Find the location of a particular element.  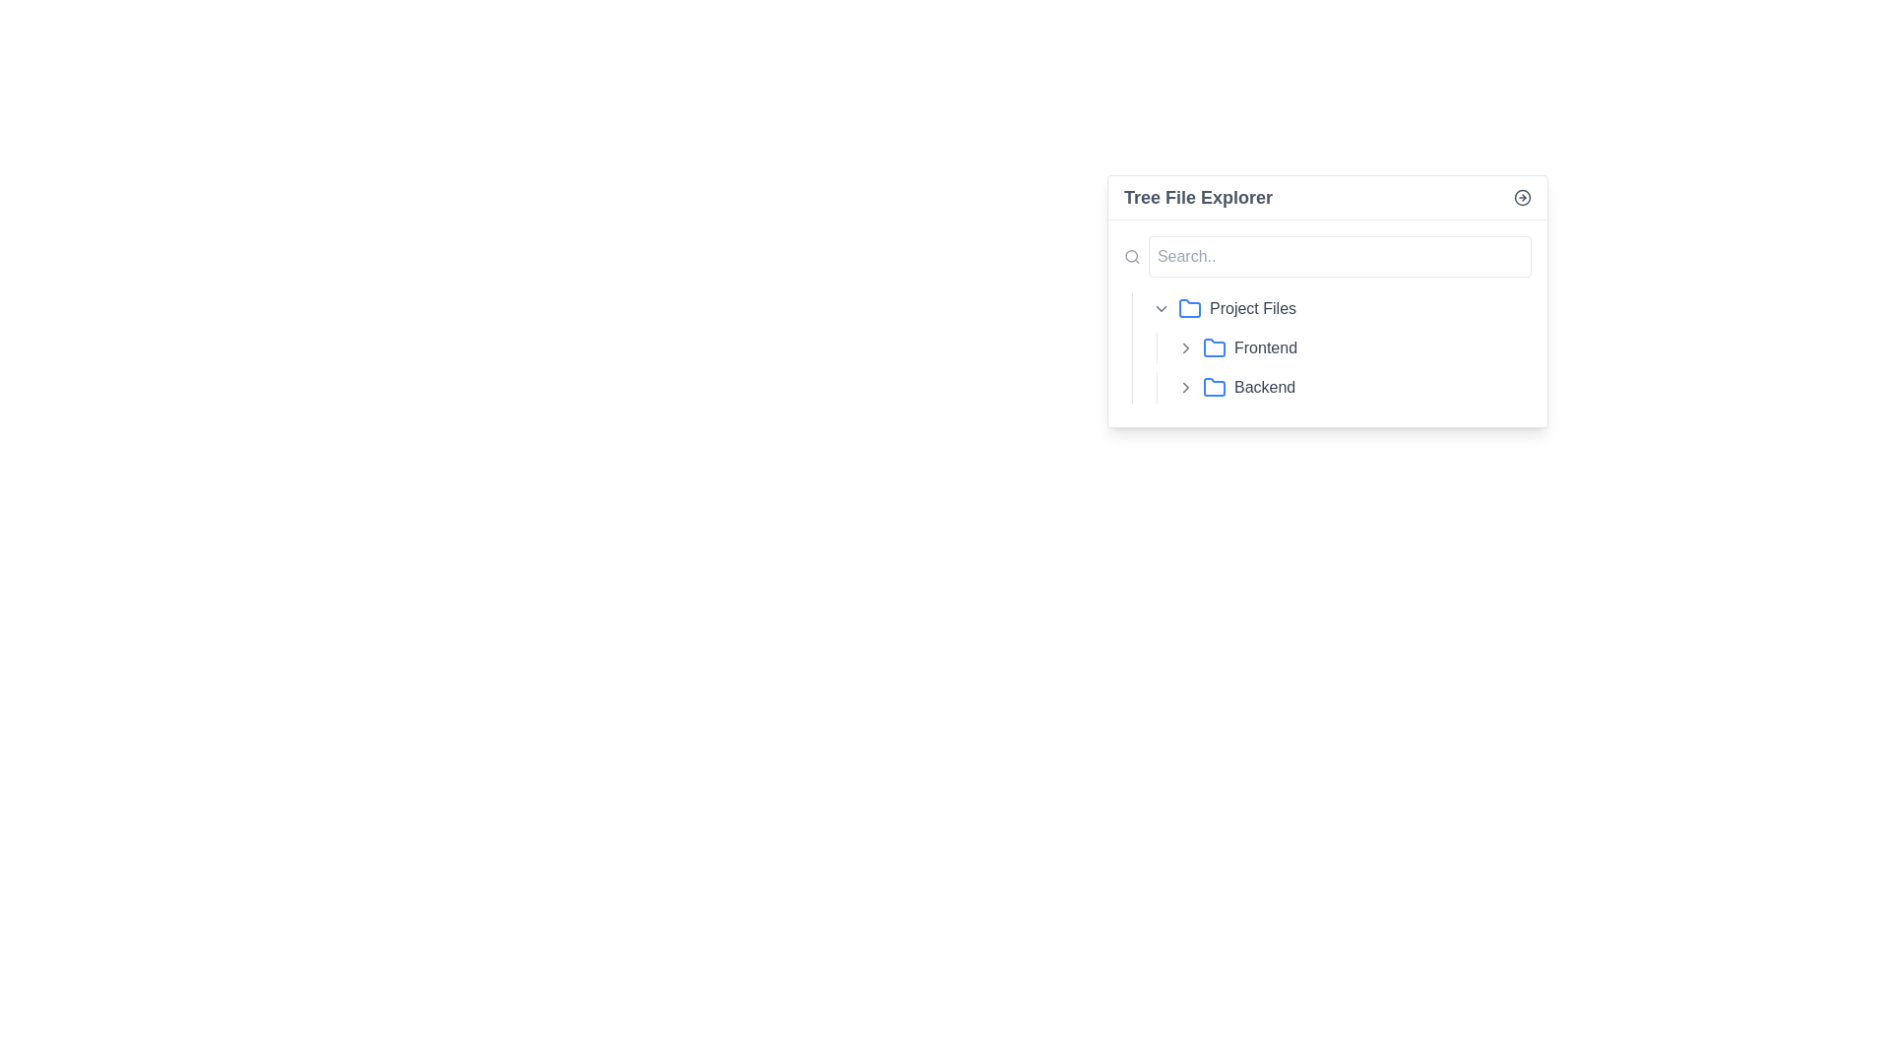

the label displaying 'Backend' is located at coordinates (1379, 387).